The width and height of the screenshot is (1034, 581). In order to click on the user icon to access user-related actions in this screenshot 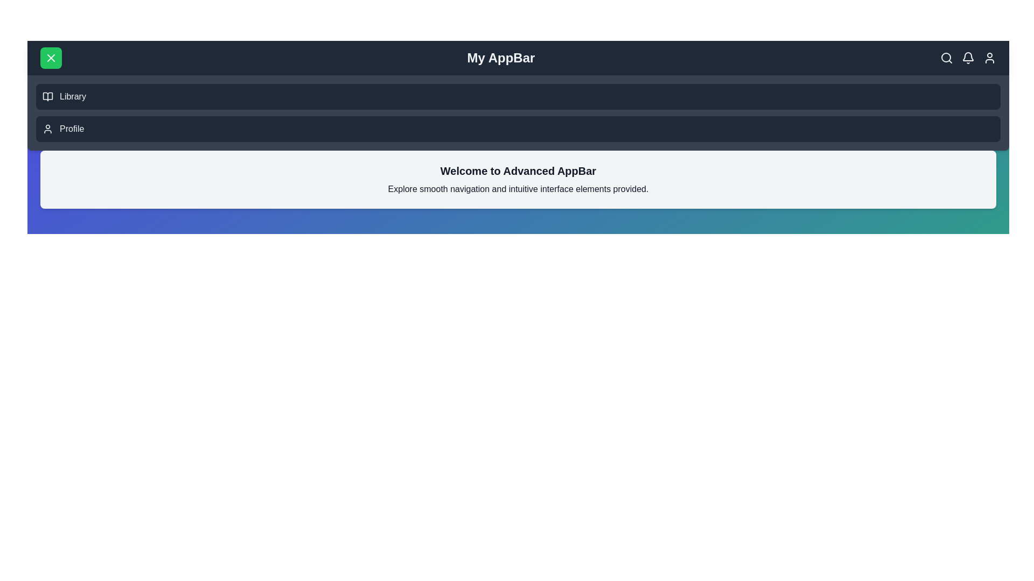, I will do `click(990, 58)`.